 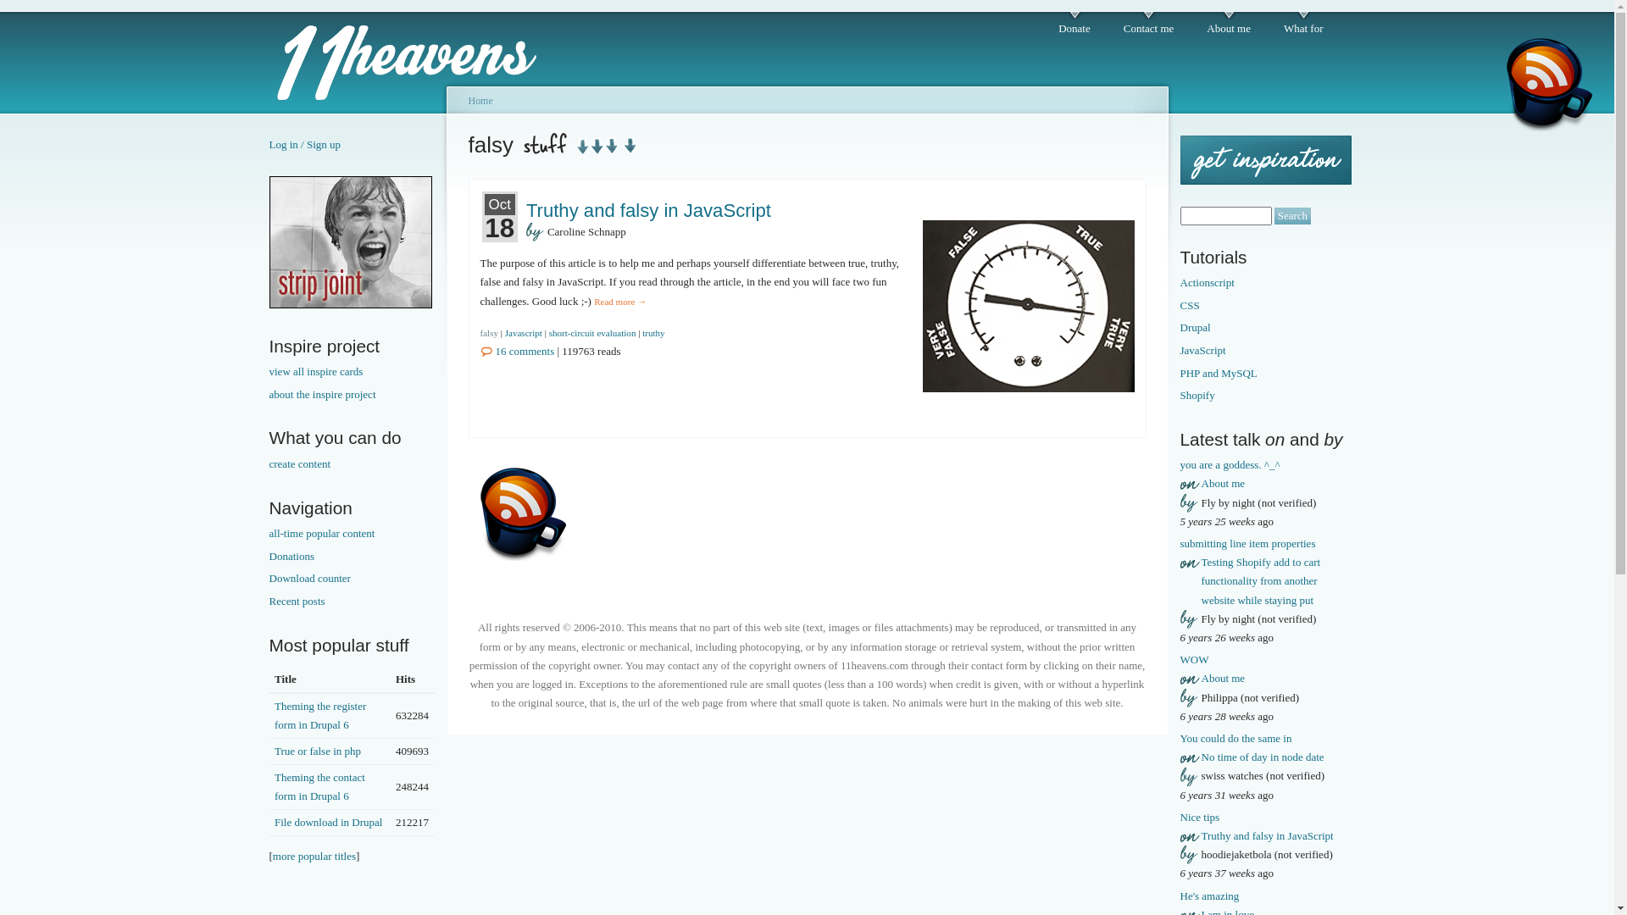 I want to click on '16 comments', so click(x=515, y=350).